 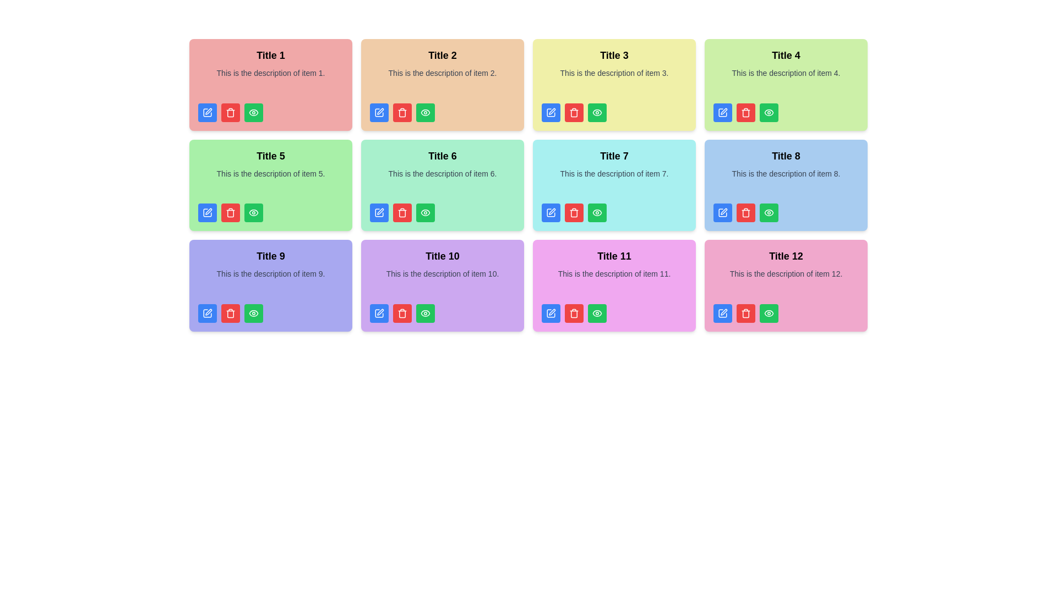 I want to click on the red trash can icon, which is nested inside a red rounded rectangular button, located below the title and description in each card, so click(x=401, y=112).